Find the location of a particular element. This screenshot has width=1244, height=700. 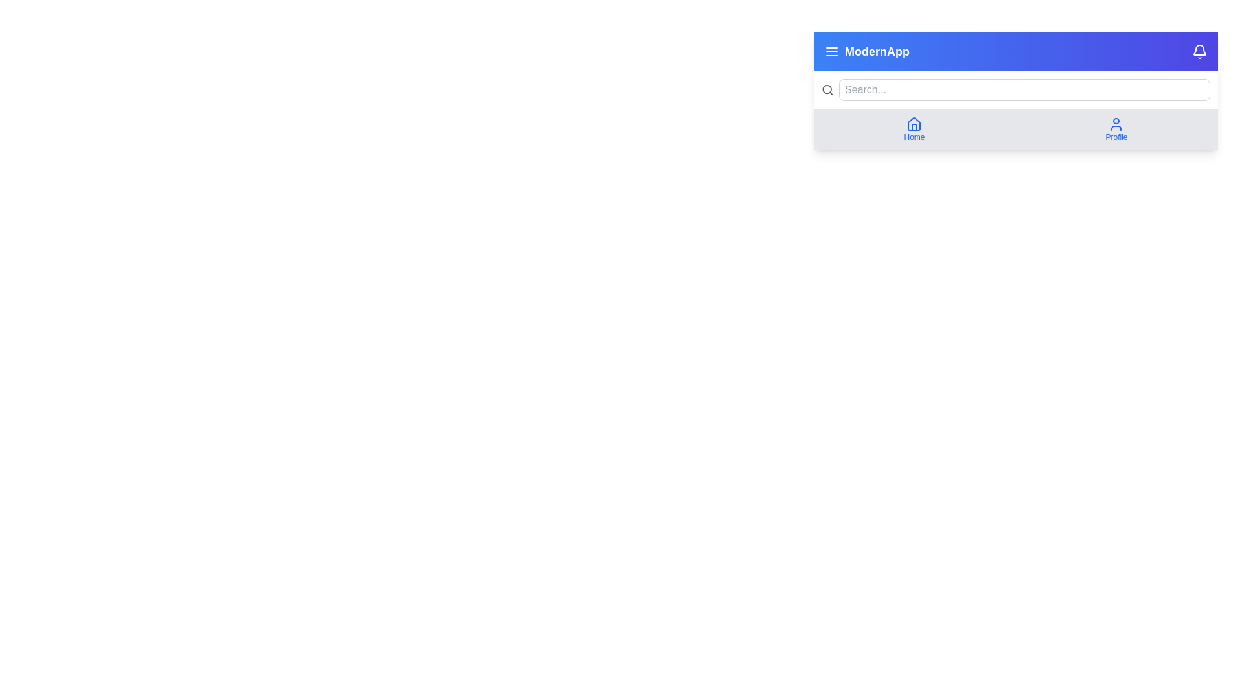

the 'Home' text label, which is styled with a small font size and blue color, located beneath the home icon in the navigation bar is located at coordinates (914, 137).